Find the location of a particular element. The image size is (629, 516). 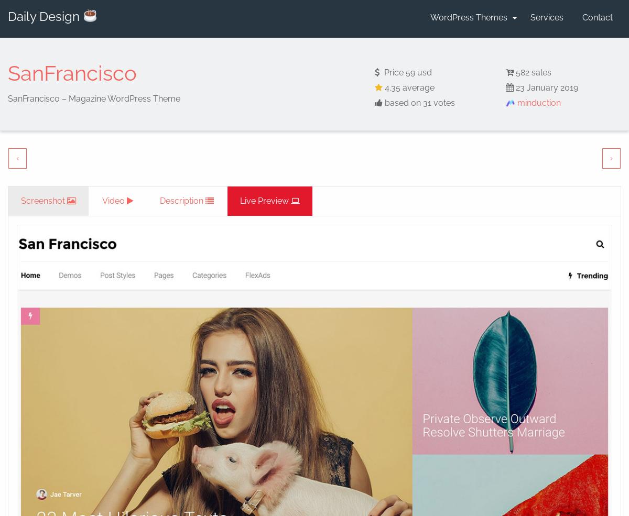

'Video' is located at coordinates (113, 201).